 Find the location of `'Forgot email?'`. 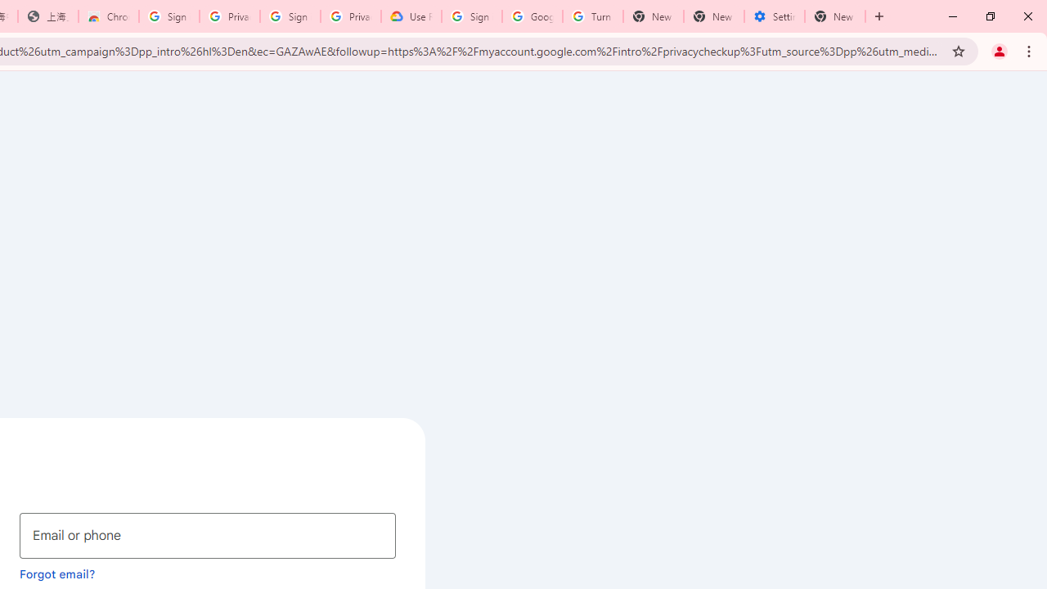

'Forgot email?' is located at coordinates (57, 573).